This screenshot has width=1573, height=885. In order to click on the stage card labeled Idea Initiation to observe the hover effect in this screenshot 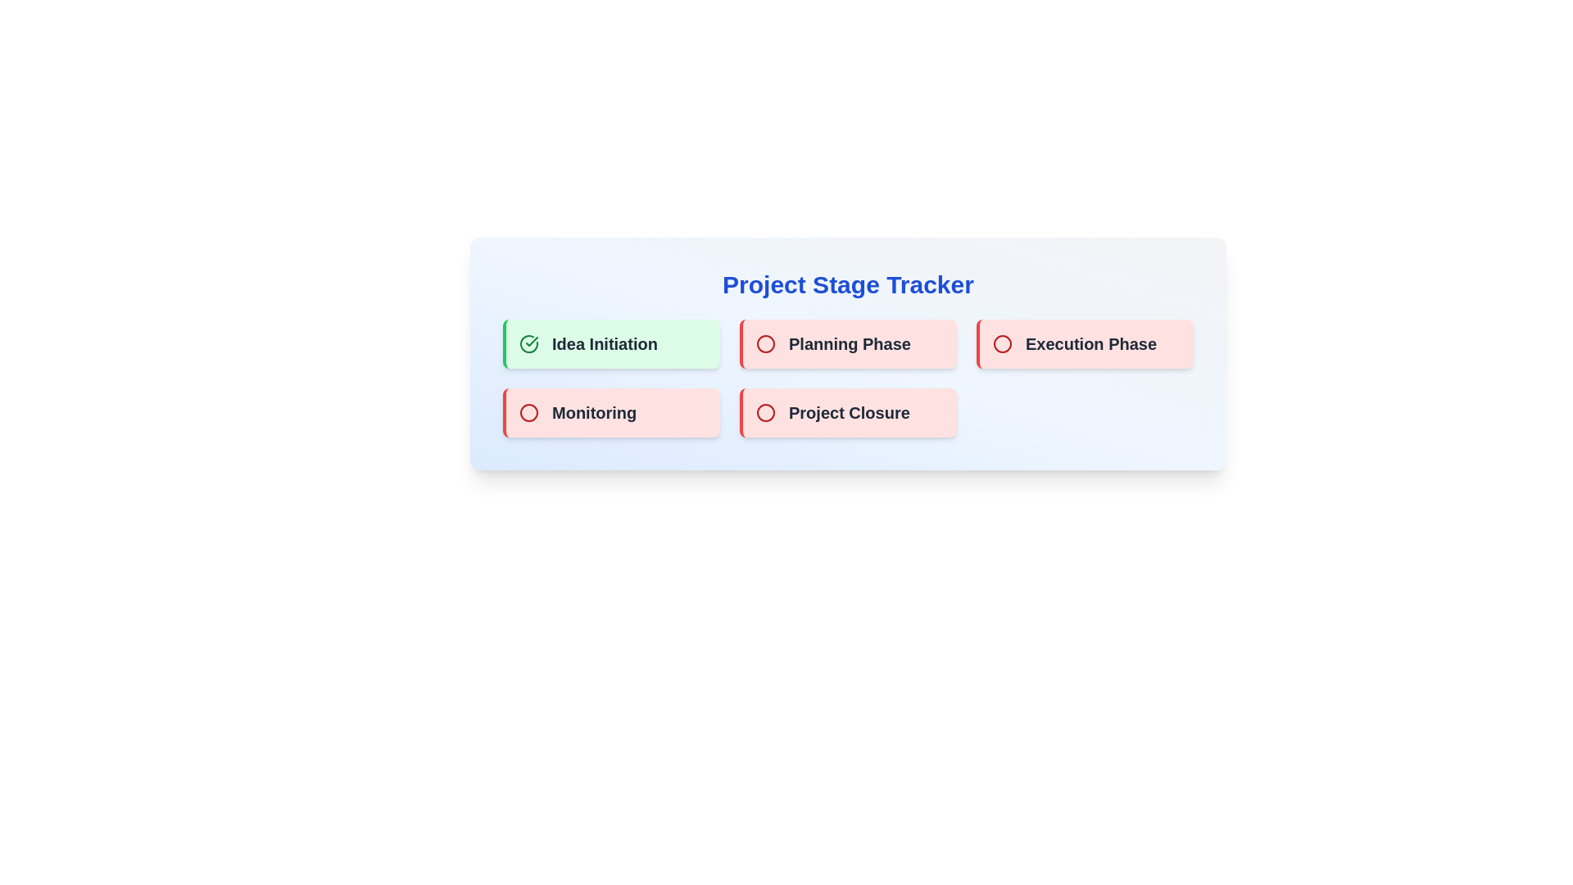, I will do `click(610, 343)`.